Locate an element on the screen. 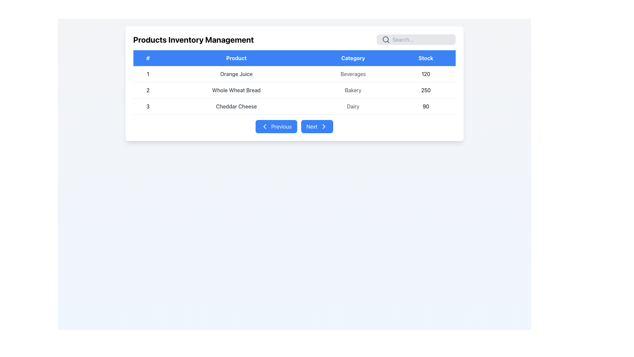 The image size is (634, 357). the leftward-pointing arrow icon within the 'Previous' navigational button is located at coordinates (264, 126).